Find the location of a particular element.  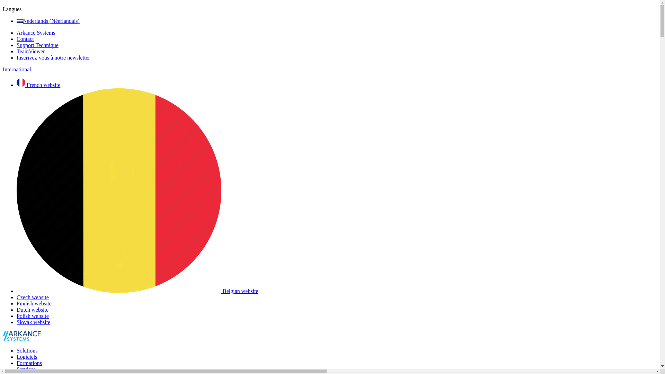

'Finnish website' is located at coordinates (34, 303).